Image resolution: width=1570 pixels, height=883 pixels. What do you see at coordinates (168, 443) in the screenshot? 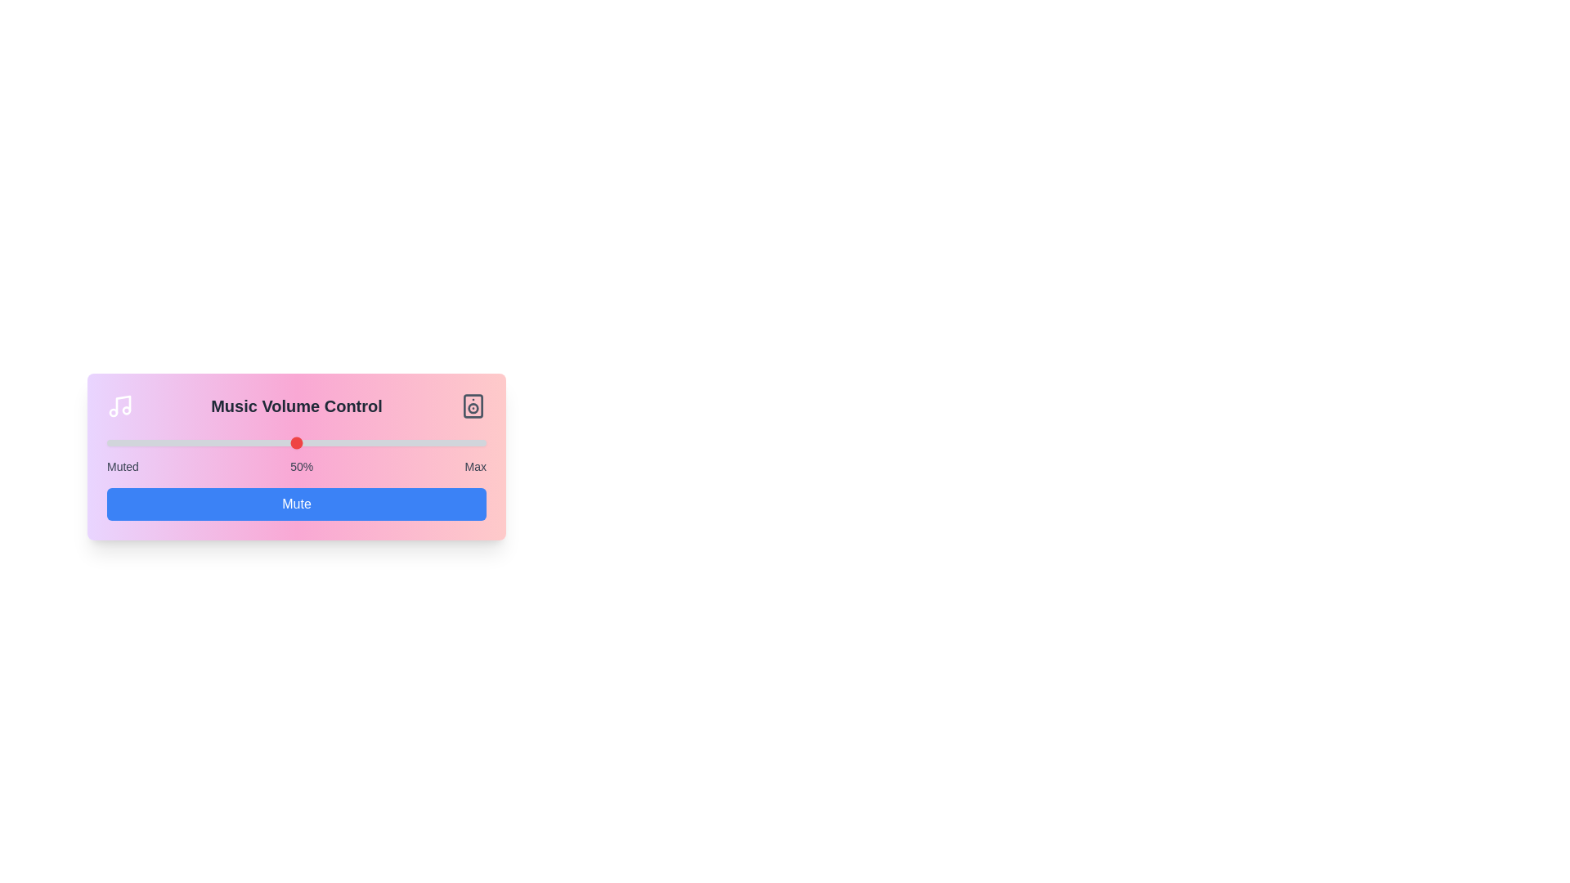
I see `the volume slider to 16%` at bounding box center [168, 443].